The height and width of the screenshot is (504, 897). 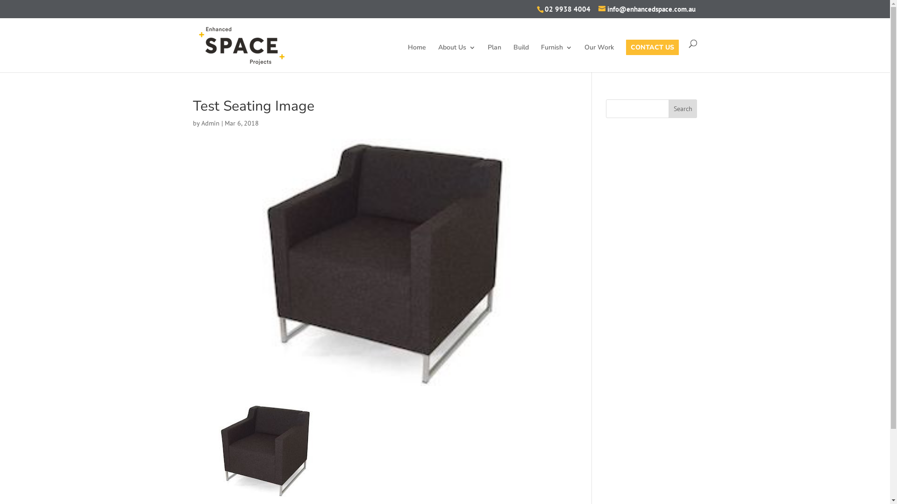 I want to click on 'Search', so click(x=668, y=107).